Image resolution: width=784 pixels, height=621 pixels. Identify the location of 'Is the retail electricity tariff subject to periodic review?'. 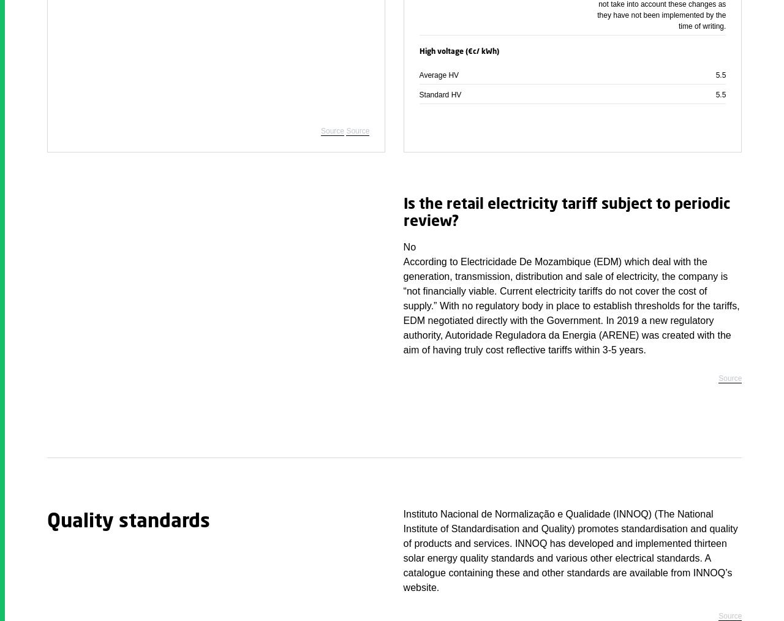
(565, 213).